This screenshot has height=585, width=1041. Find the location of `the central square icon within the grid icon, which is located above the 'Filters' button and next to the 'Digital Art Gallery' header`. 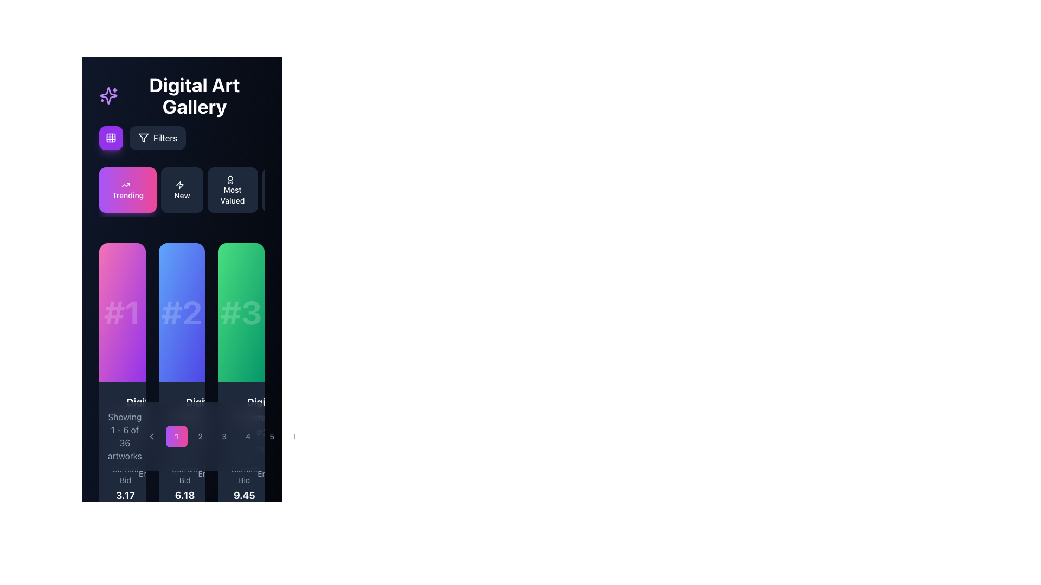

the central square icon within the grid icon, which is located above the 'Filters' button and next to the 'Digital Art Gallery' header is located at coordinates (111, 137).